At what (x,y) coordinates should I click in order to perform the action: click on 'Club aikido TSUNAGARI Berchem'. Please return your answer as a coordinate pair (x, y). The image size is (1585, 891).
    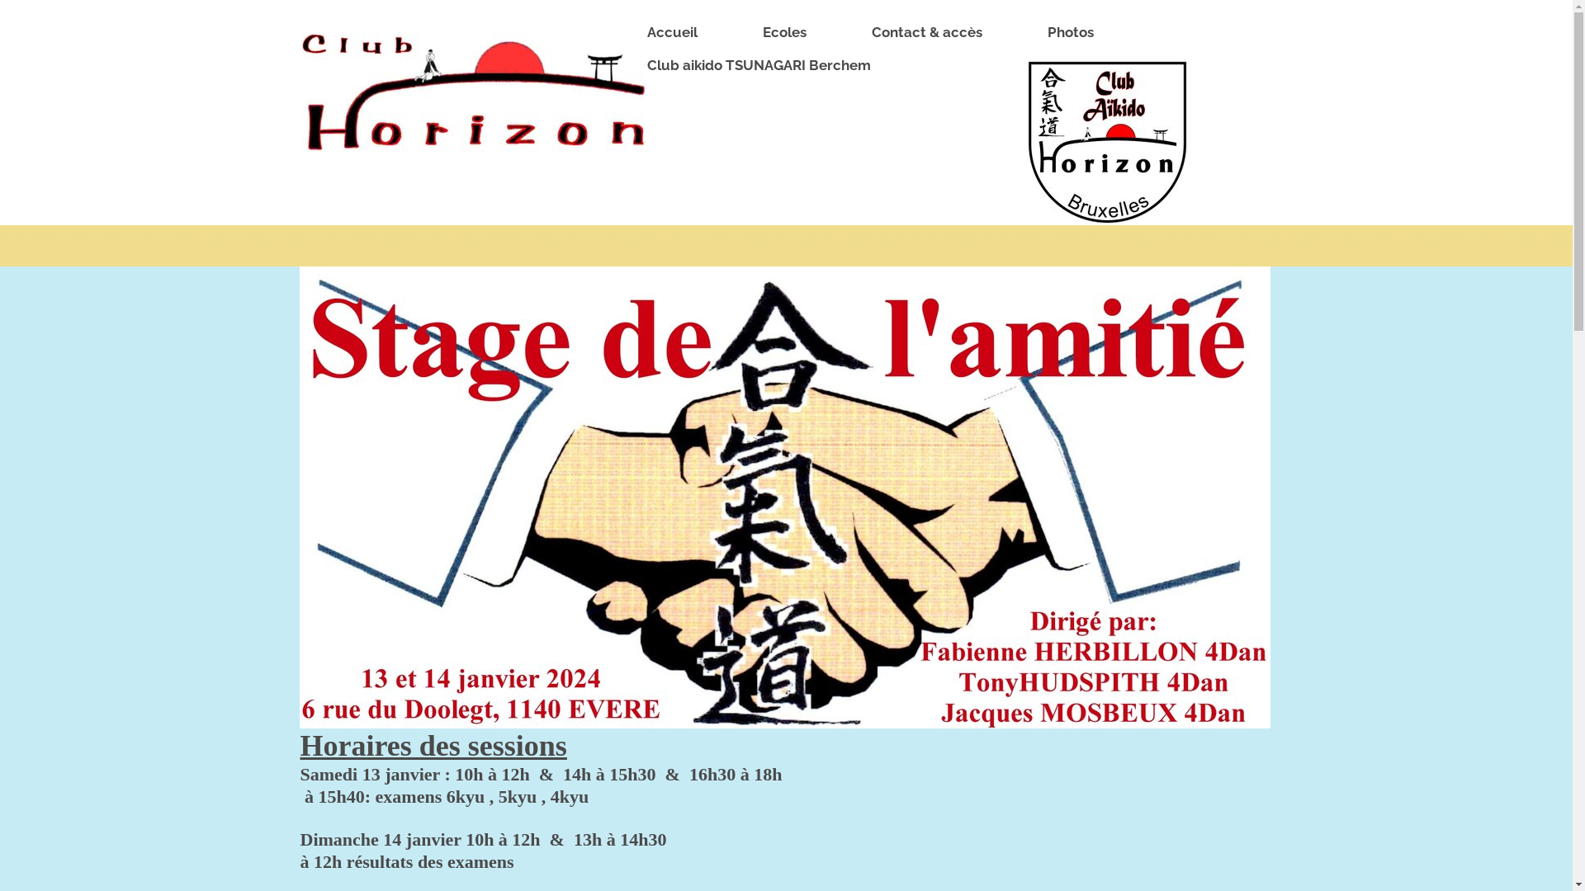
    Looking at the image, I should click on (766, 65).